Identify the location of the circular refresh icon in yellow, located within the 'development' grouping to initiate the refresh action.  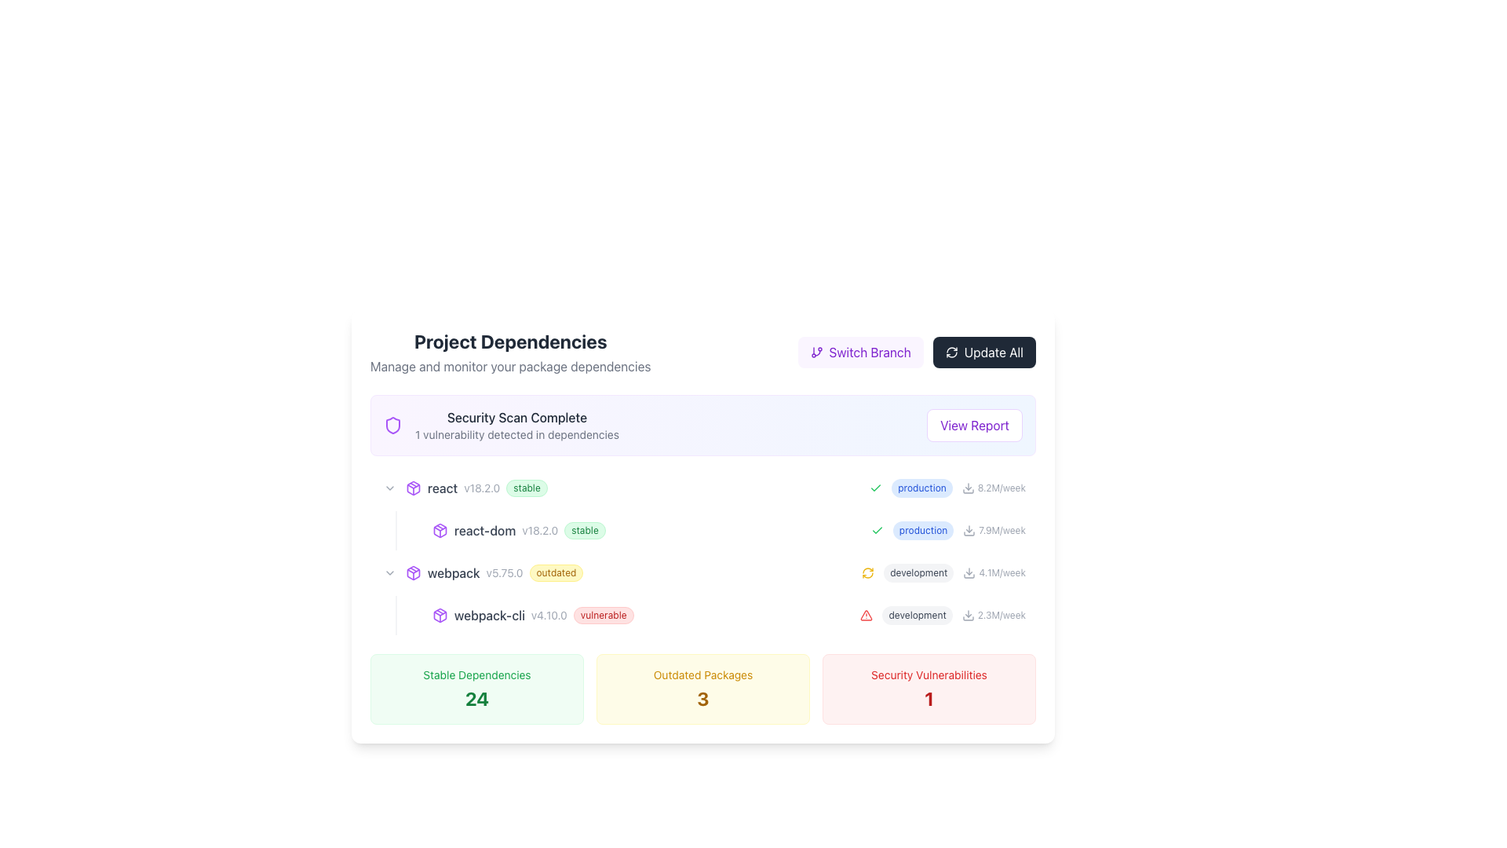
(867, 572).